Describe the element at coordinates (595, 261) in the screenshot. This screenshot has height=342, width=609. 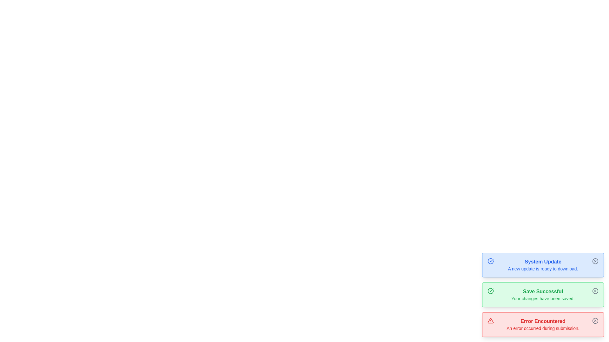
I see `the circular close button icon located in the top-right corner of the notification bar, which is part of an error or warning message indicator` at that location.